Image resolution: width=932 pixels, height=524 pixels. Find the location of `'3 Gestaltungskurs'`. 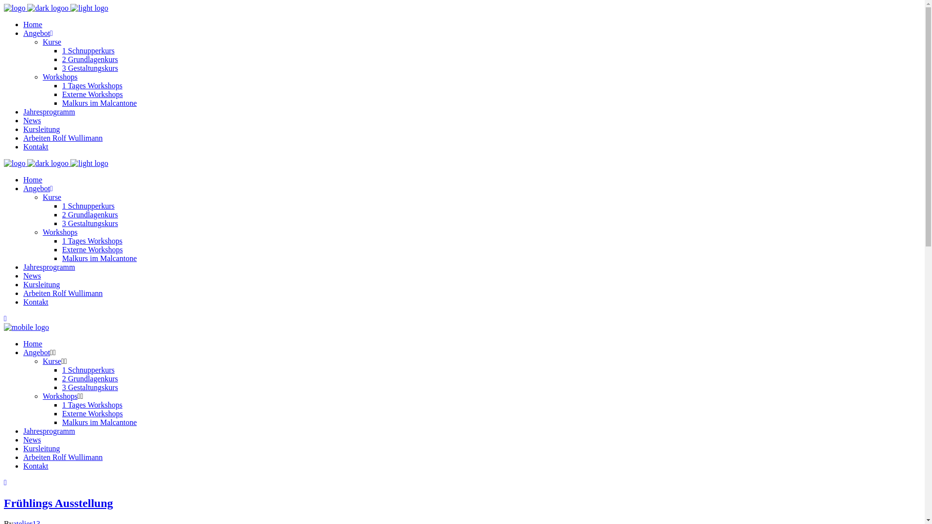

'3 Gestaltungskurs' is located at coordinates (90, 67).